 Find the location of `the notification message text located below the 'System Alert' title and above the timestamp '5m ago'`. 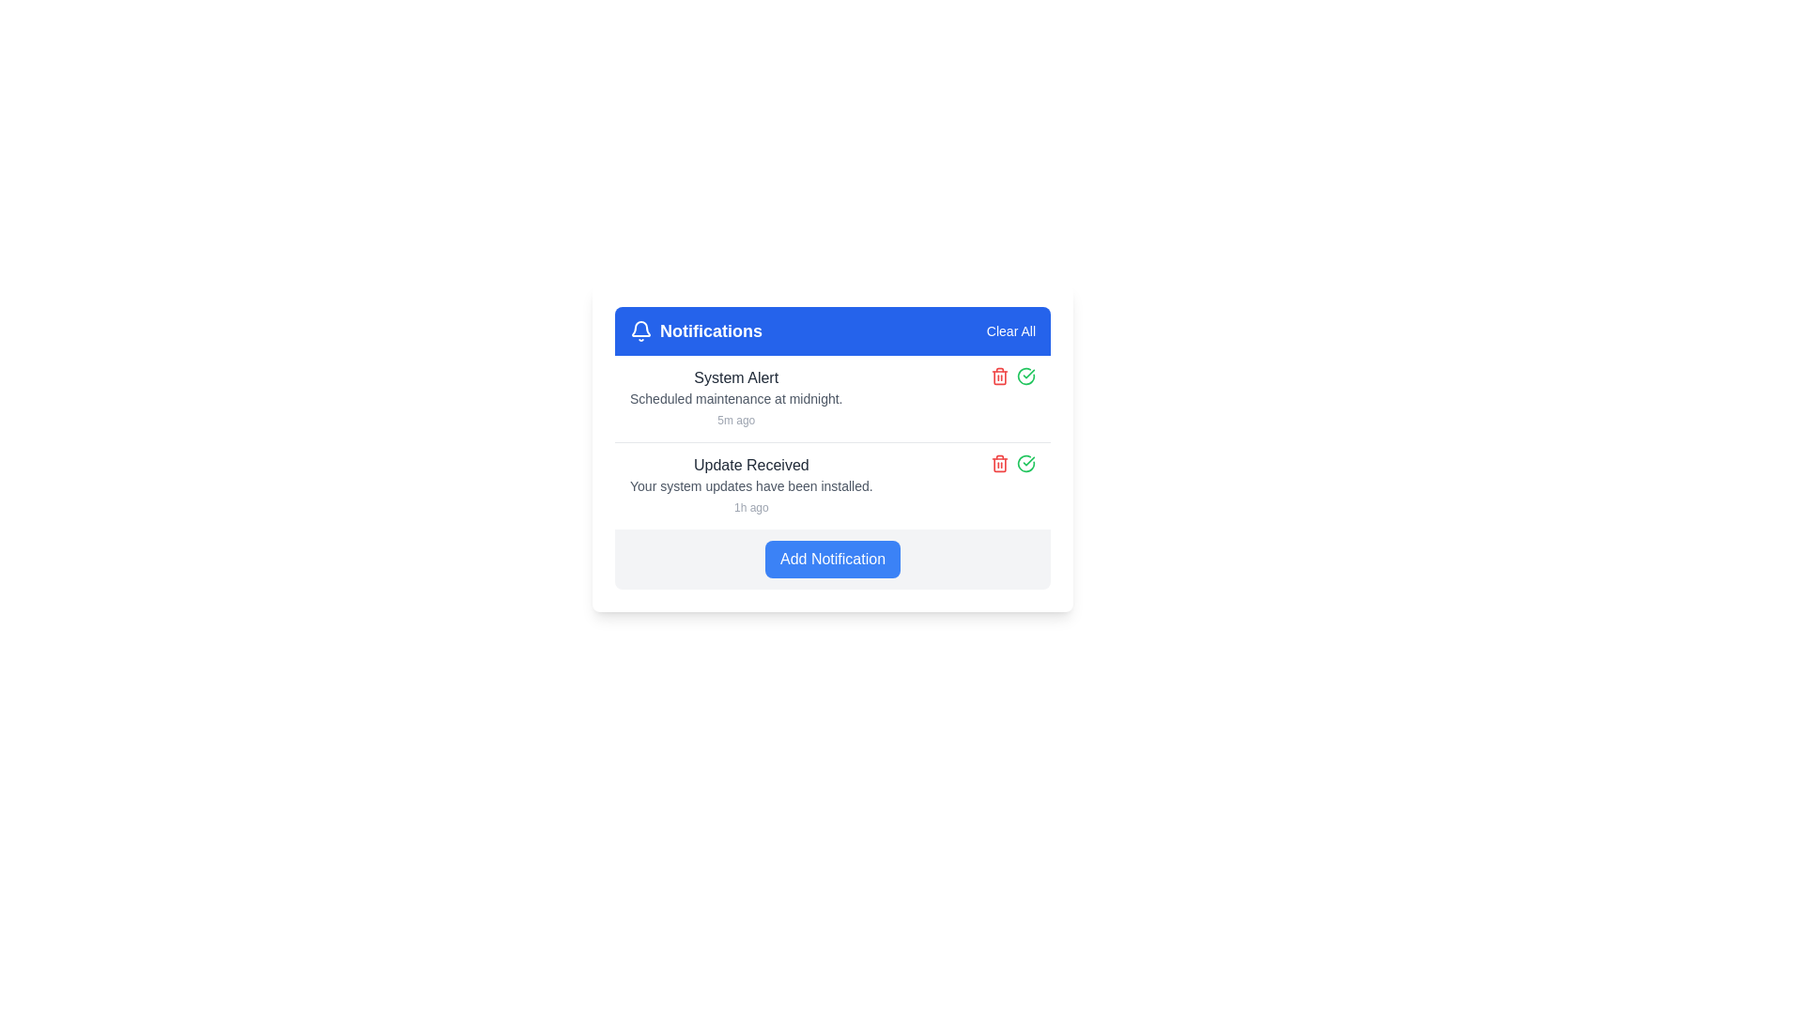

the notification message text located below the 'System Alert' title and above the timestamp '5m ago' is located at coordinates (735, 397).